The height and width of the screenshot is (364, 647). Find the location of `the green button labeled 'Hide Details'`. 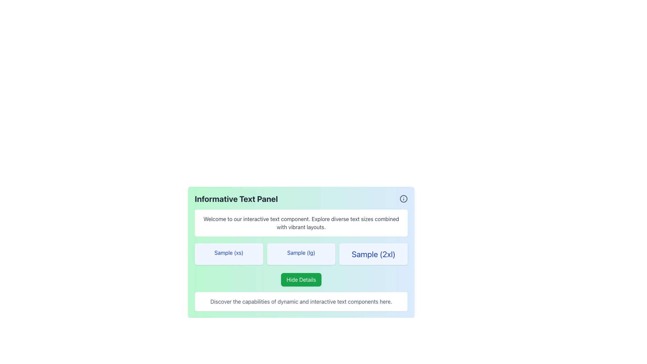

the green button labeled 'Hide Details' is located at coordinates (301, 279).